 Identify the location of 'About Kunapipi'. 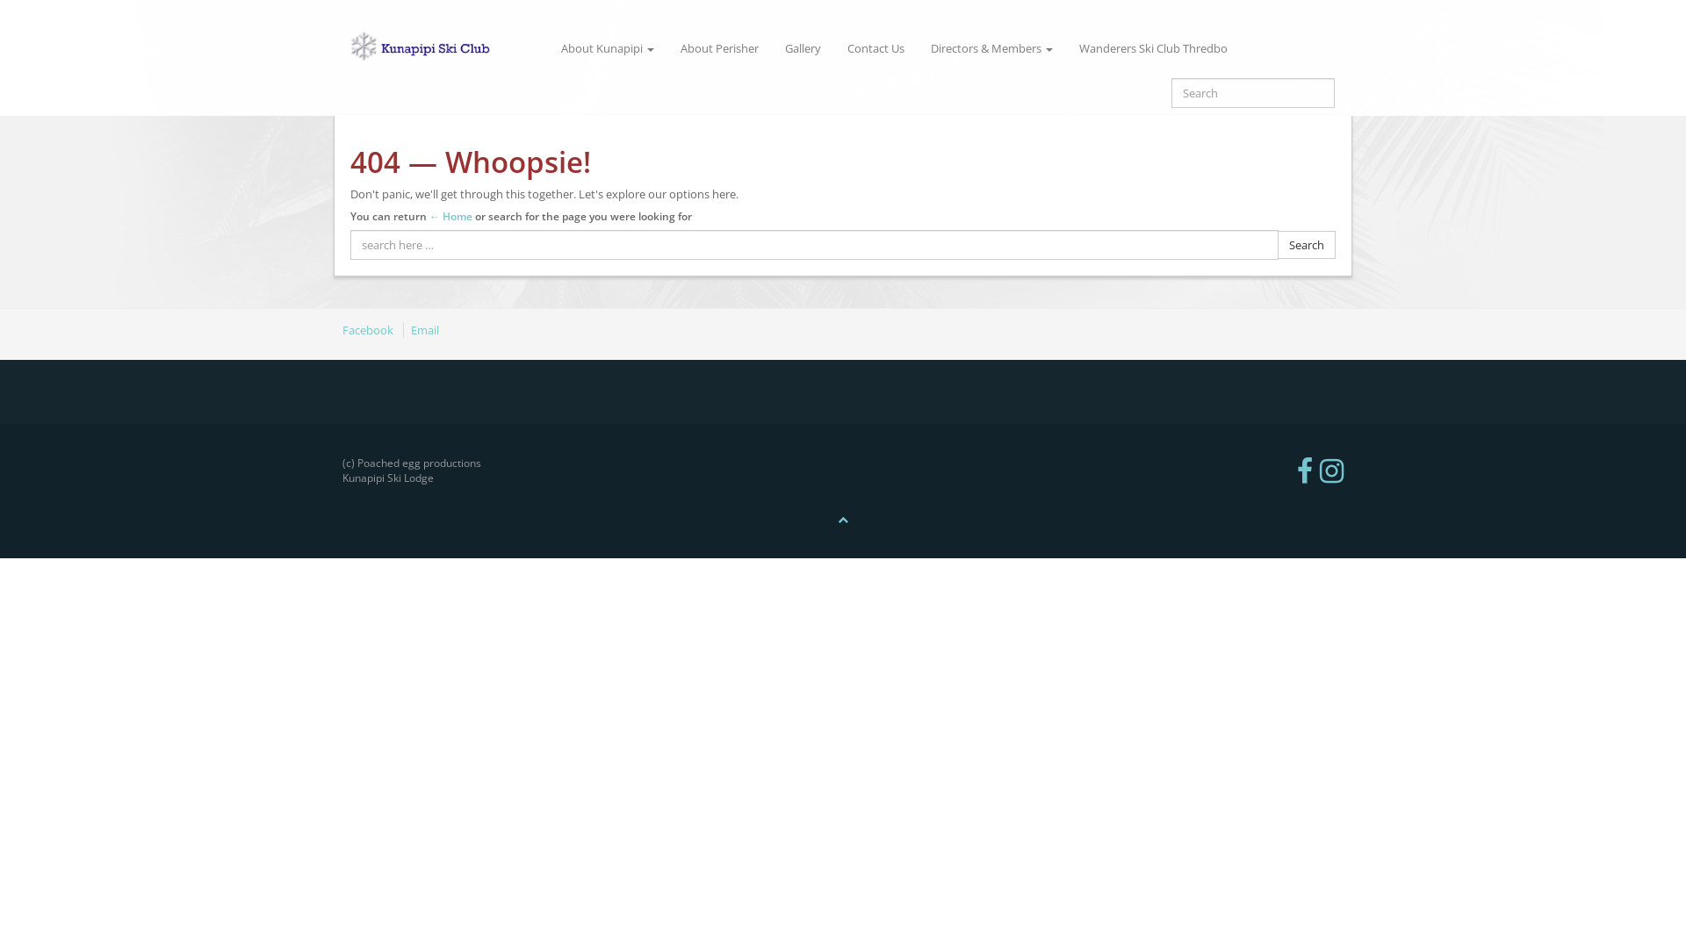
(607, 47).